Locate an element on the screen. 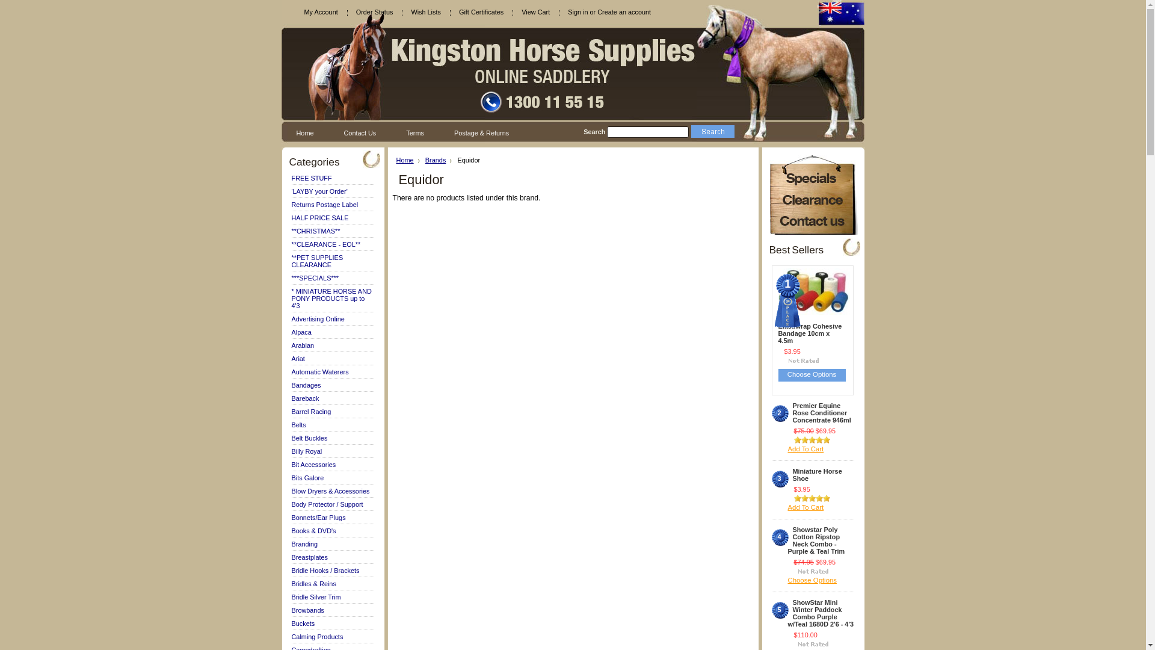 The image size is (1155, 650). 'Bit Accessories' is located at coordinates (313, 463).